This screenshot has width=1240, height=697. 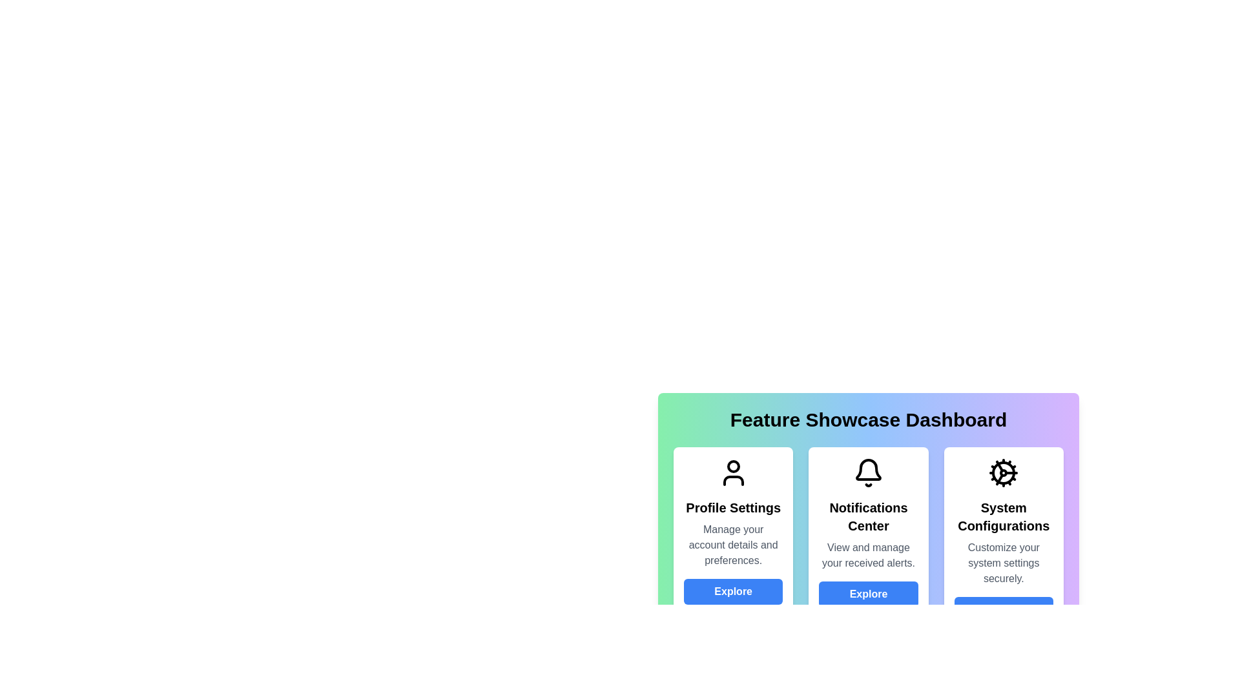 I want to click on the profile settings icon located in the first column of the three-card layout, centered near the top of the card labeled 'Profile Settings', so click(x=733, y=472).